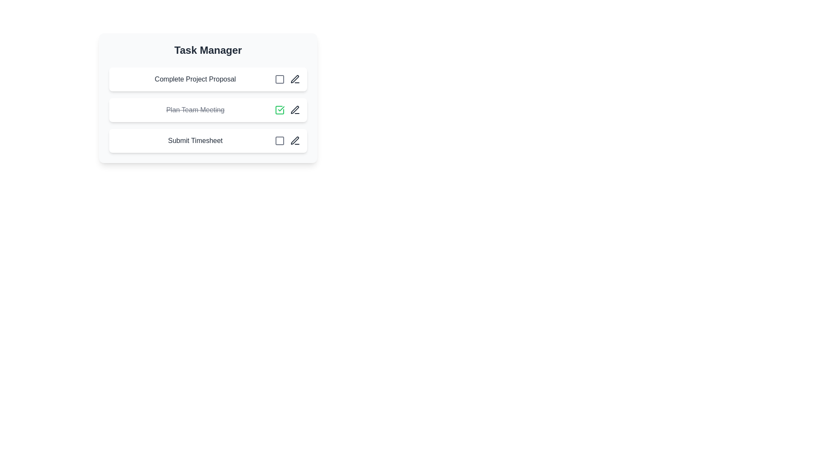 Image resolution: width=819 pixels, height=461 pixels. Describe the element at coordinates (280, 140) in the screenshot. I see `the Checkbox-like toggle element located in the rightmost section of the third row, which interacts with the 'Submit Timesheet' task` at that location.